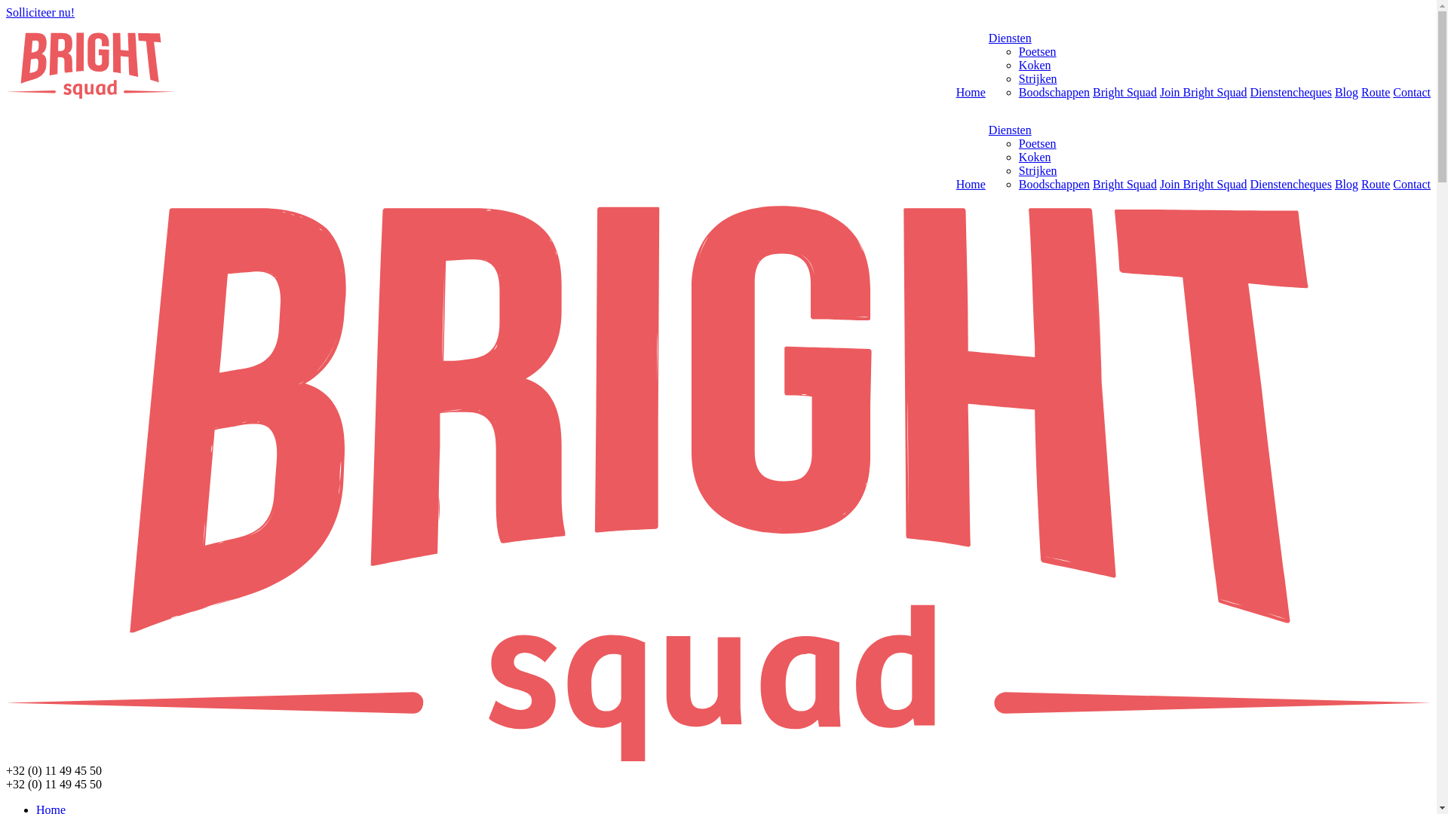 The image size is (1448, 814). I want to click on 'Poetsen', so click(1037, 50).